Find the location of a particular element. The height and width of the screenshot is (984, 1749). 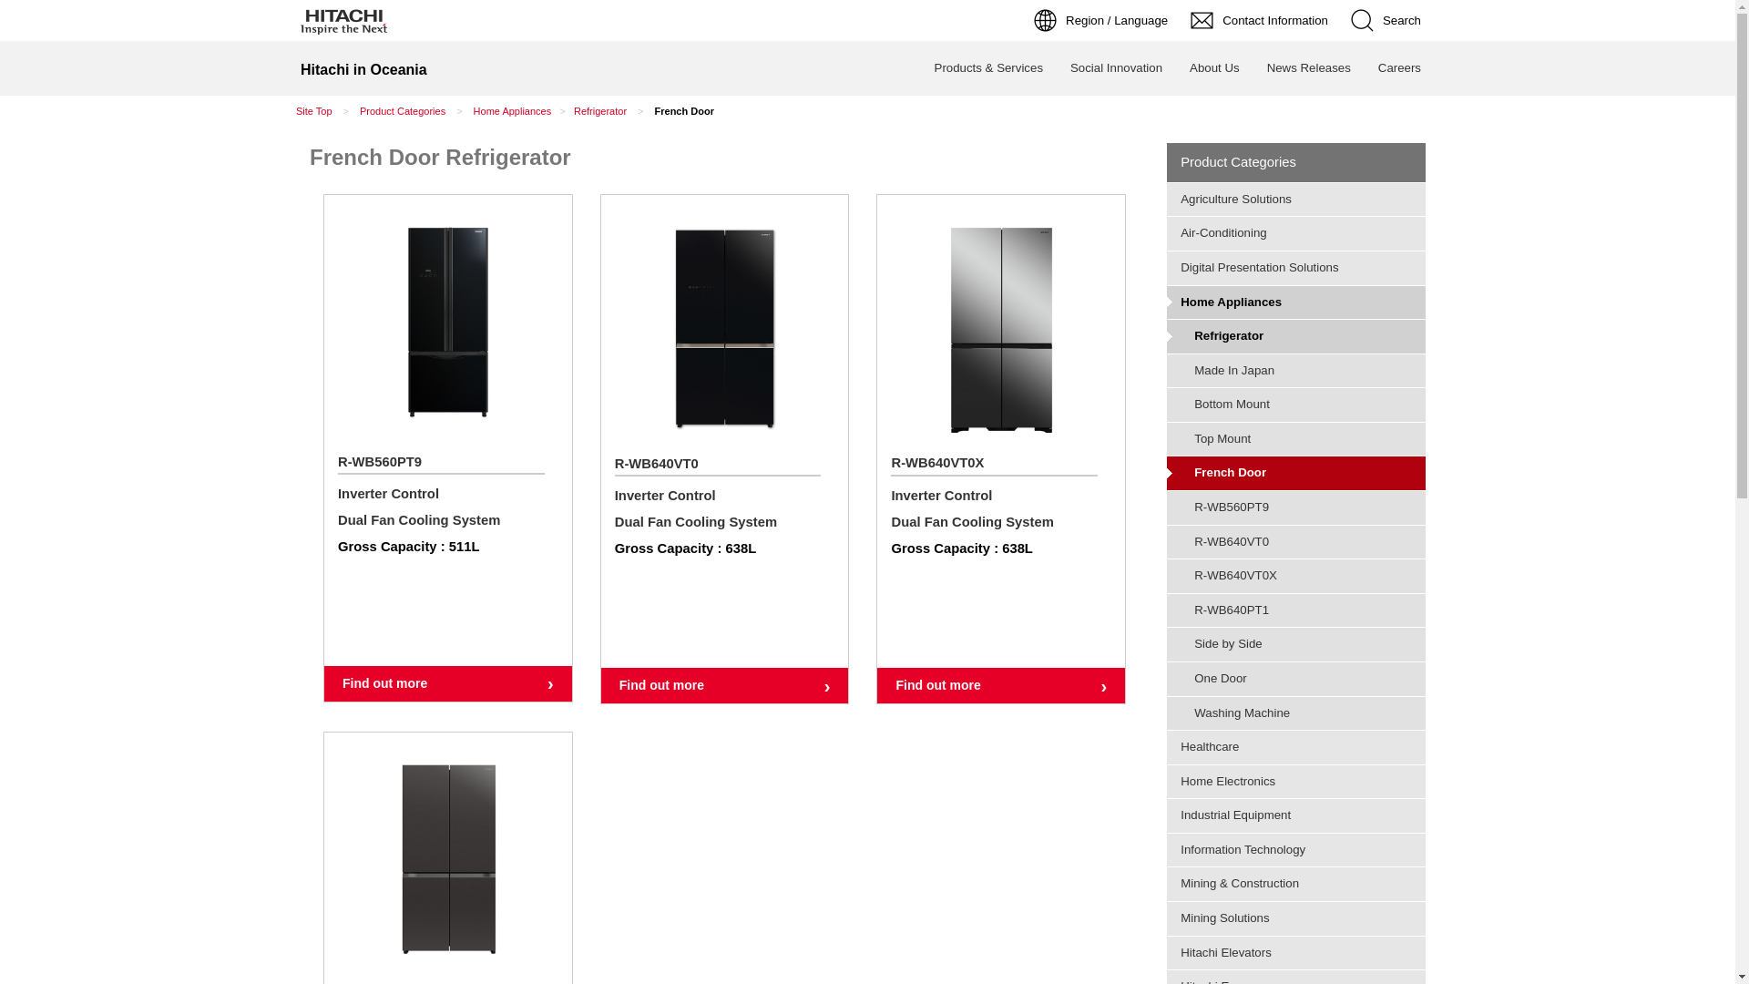

'Site Top' is located at coordinates (314, 111).